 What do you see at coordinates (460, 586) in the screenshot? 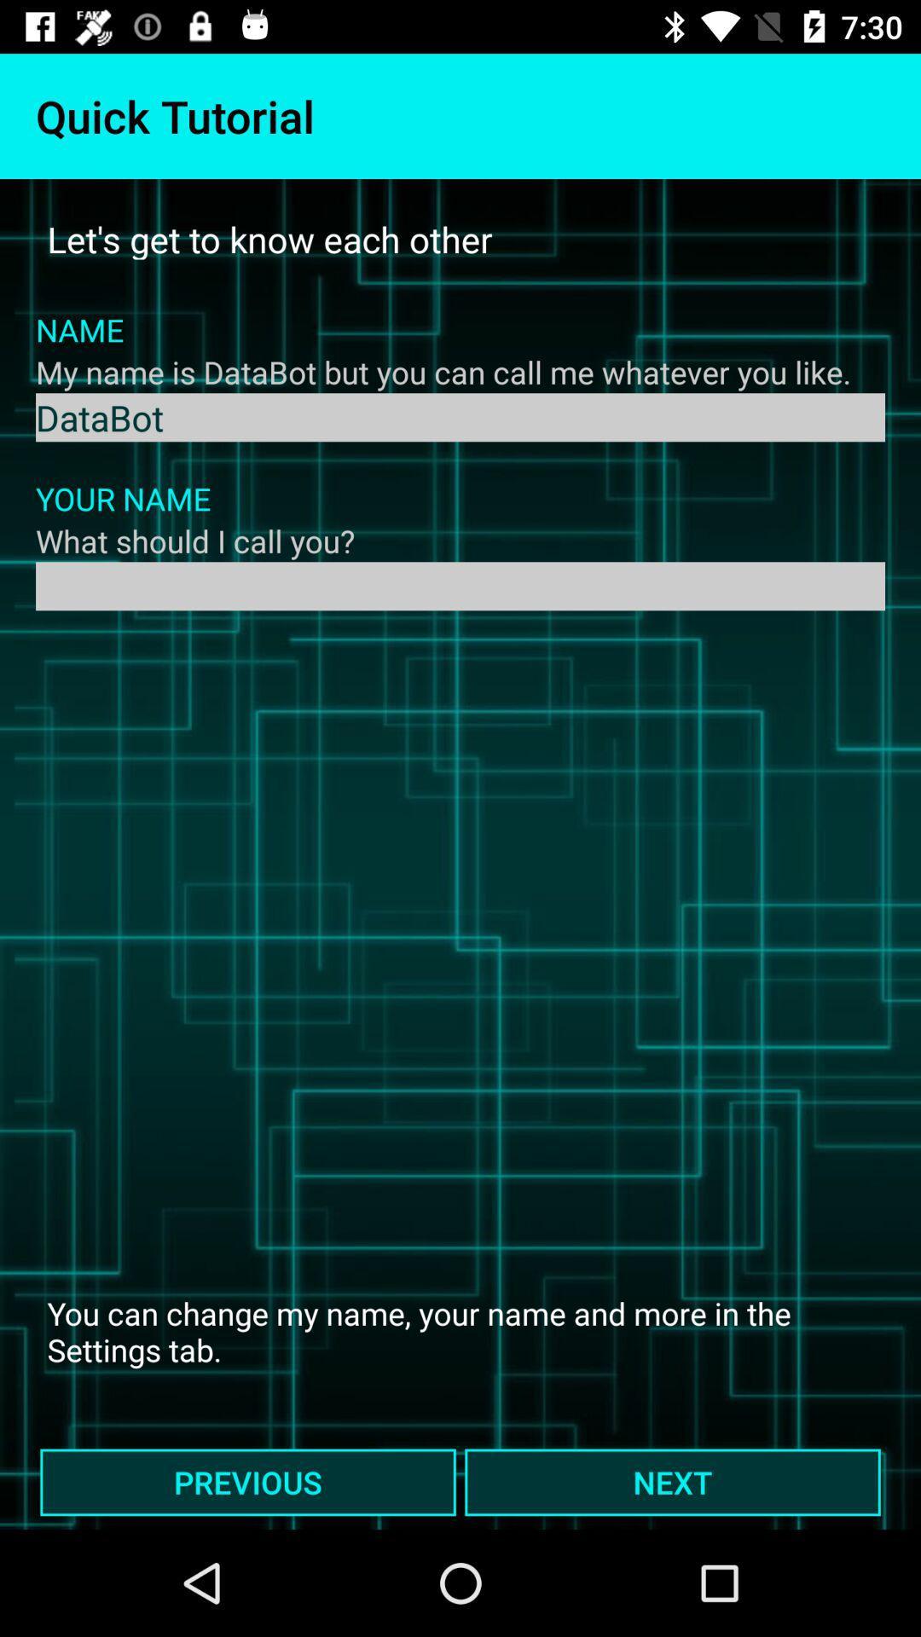
I see `open text box` at bounding box center [460, 586].